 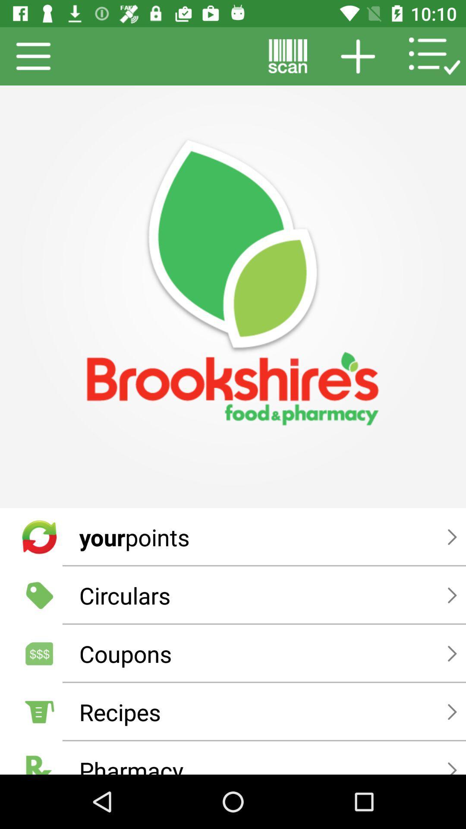 I want to click on the list icon, so click(x=435, y=56).